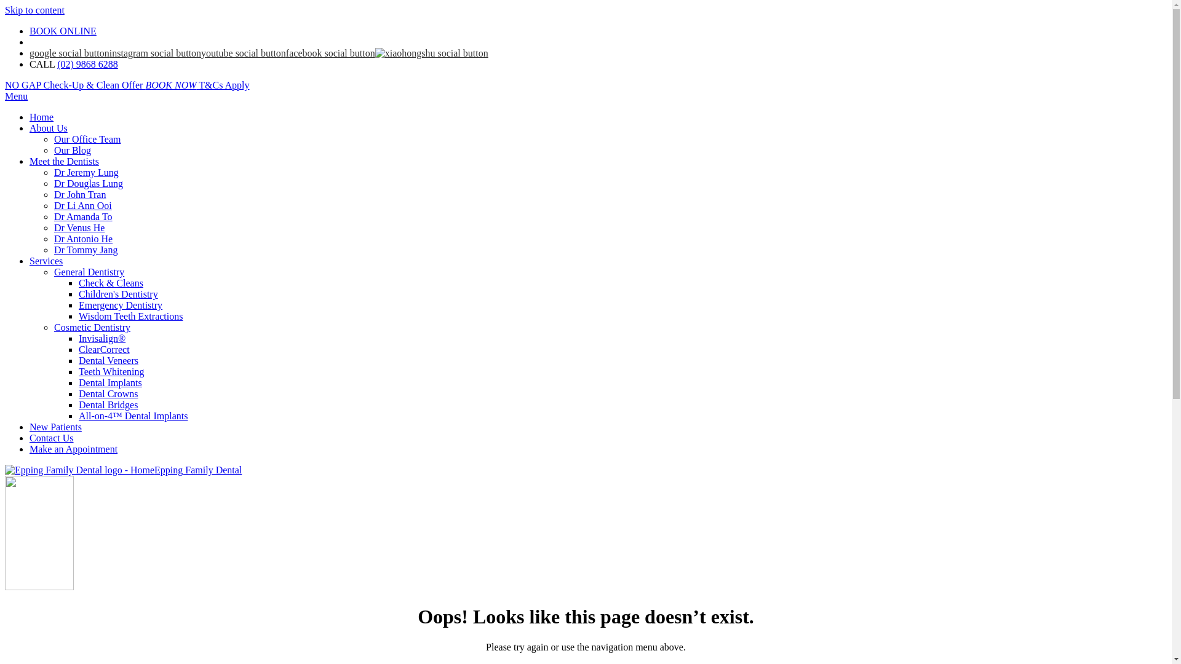 This screenshot has height=664, width=1181. I want to click on 'Cosmetic Dentistry', so click(53, 326).